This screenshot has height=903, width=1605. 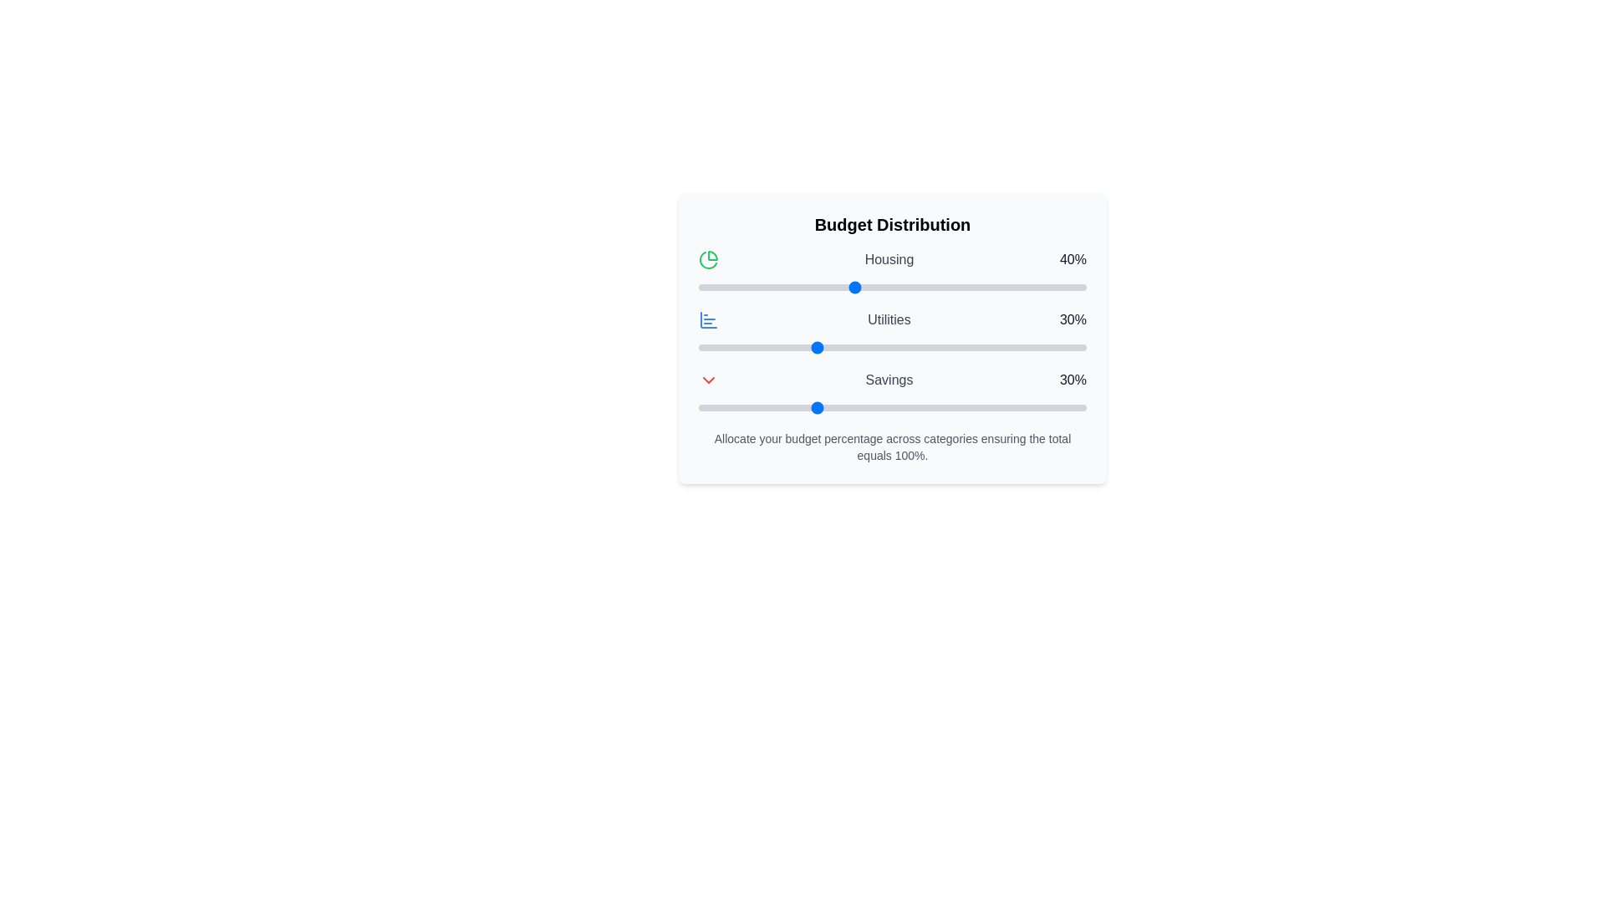 What do you see at coordinates (1073, 319) in the screenshot?
I see `the percentage allocation information displayed in the Text label that follows the 'Utilities' label in the budget distribution interface` at bounding box center [1073, 319].